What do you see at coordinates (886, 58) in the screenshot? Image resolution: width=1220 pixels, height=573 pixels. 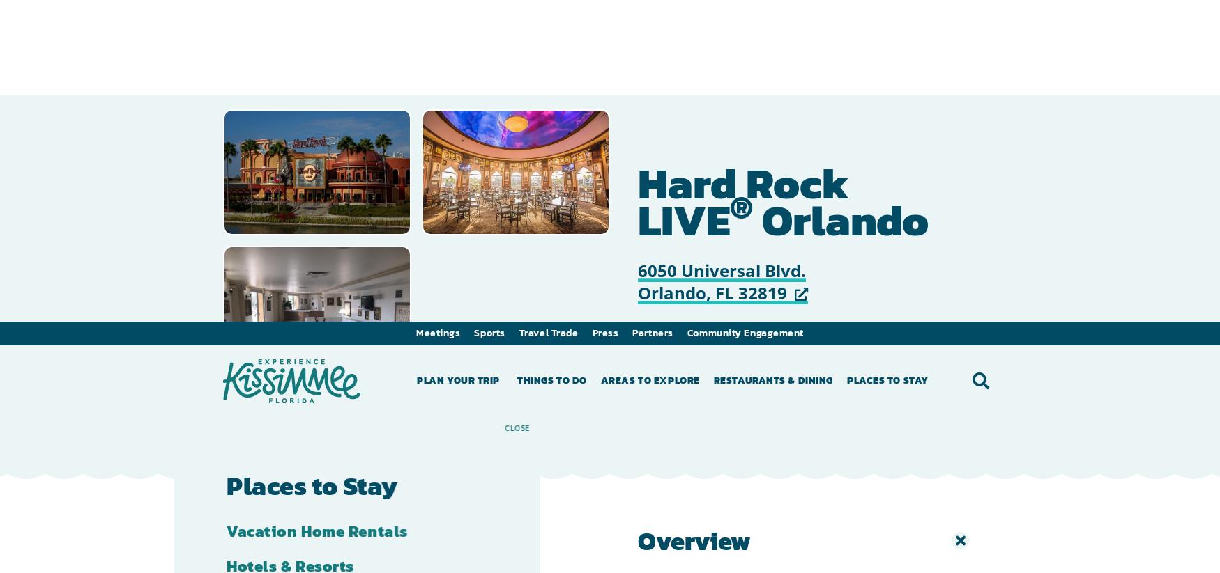 I see `'Places to Stay'` at bounding box center [886, 58].